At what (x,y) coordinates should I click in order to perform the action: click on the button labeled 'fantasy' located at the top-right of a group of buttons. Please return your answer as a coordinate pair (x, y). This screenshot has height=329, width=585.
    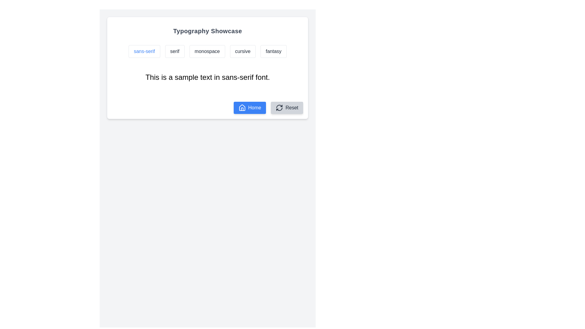
    Looking at the image, I should click on (273, 51).